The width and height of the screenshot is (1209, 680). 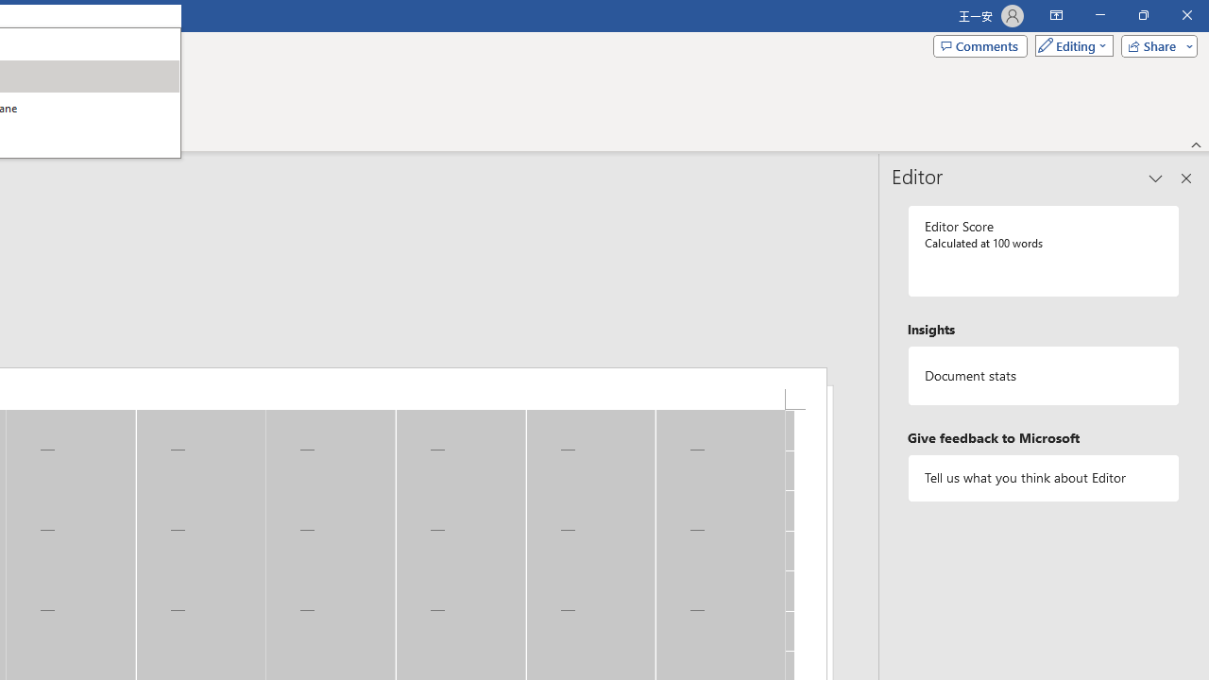 I want to click on 'Close', so click(x=1185, y=15).